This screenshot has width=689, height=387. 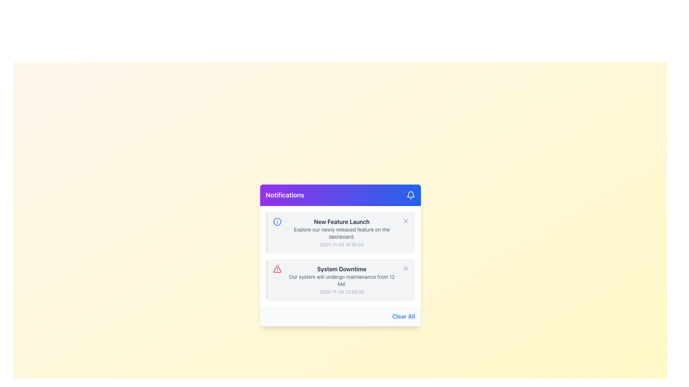 What do you see at coordinates (341, 233) in the screenshot?
I see `the text component providing additional information about the title 'New Feature Launch', which is centrally positioned in a notification card below the title and above the timestamp` at bounding box center [341, 233].